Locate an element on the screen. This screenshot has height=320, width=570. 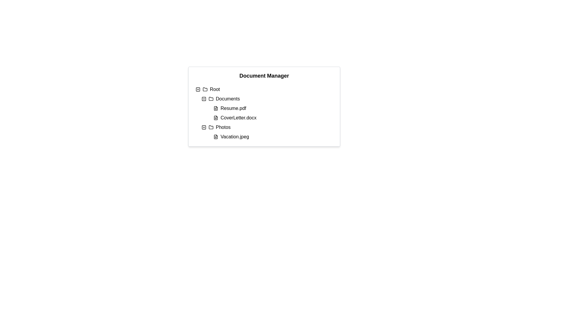
the file entry labeled 'Resume.pdf' located under the 'Documents' section is located at coordinates (267, 108).